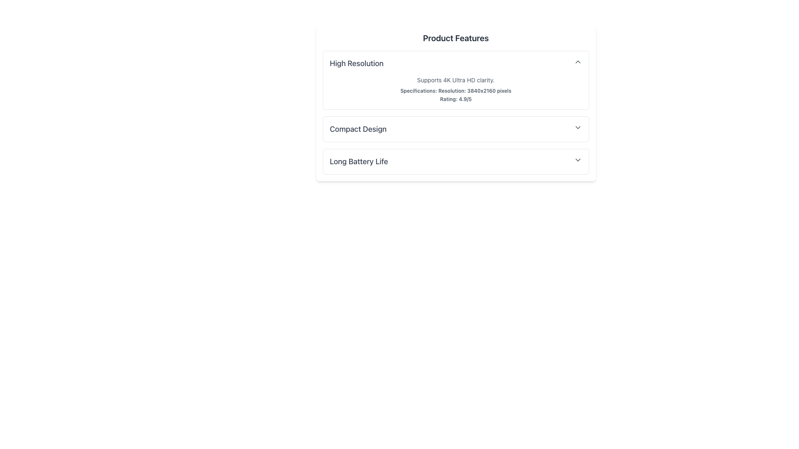 The width and height of the screenshot is (799, 449). What do you see at coordinates (455, 38) in the screenshot?
I see `the Static Label or Header that indicates 'Product Features', positioned at the top of the card containing detailed information` at bounding box center [455, 38].